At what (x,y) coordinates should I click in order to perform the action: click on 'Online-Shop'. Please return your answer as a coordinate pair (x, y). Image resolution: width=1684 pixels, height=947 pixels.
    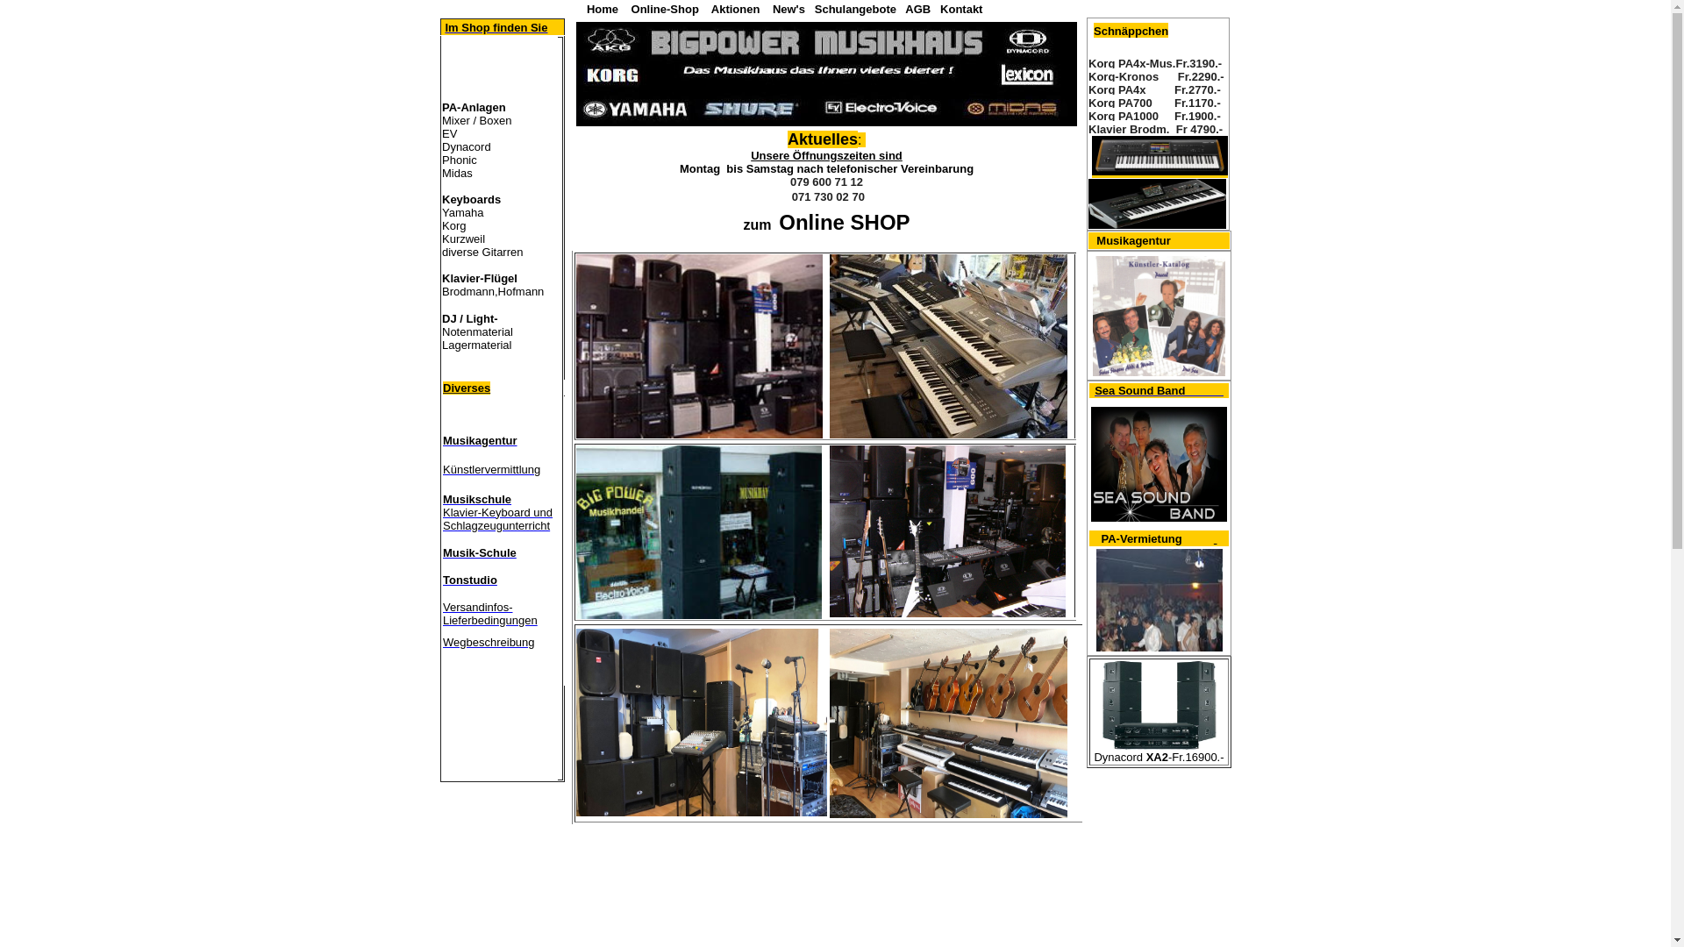
    Looking at the image, I should click on (664, 9).